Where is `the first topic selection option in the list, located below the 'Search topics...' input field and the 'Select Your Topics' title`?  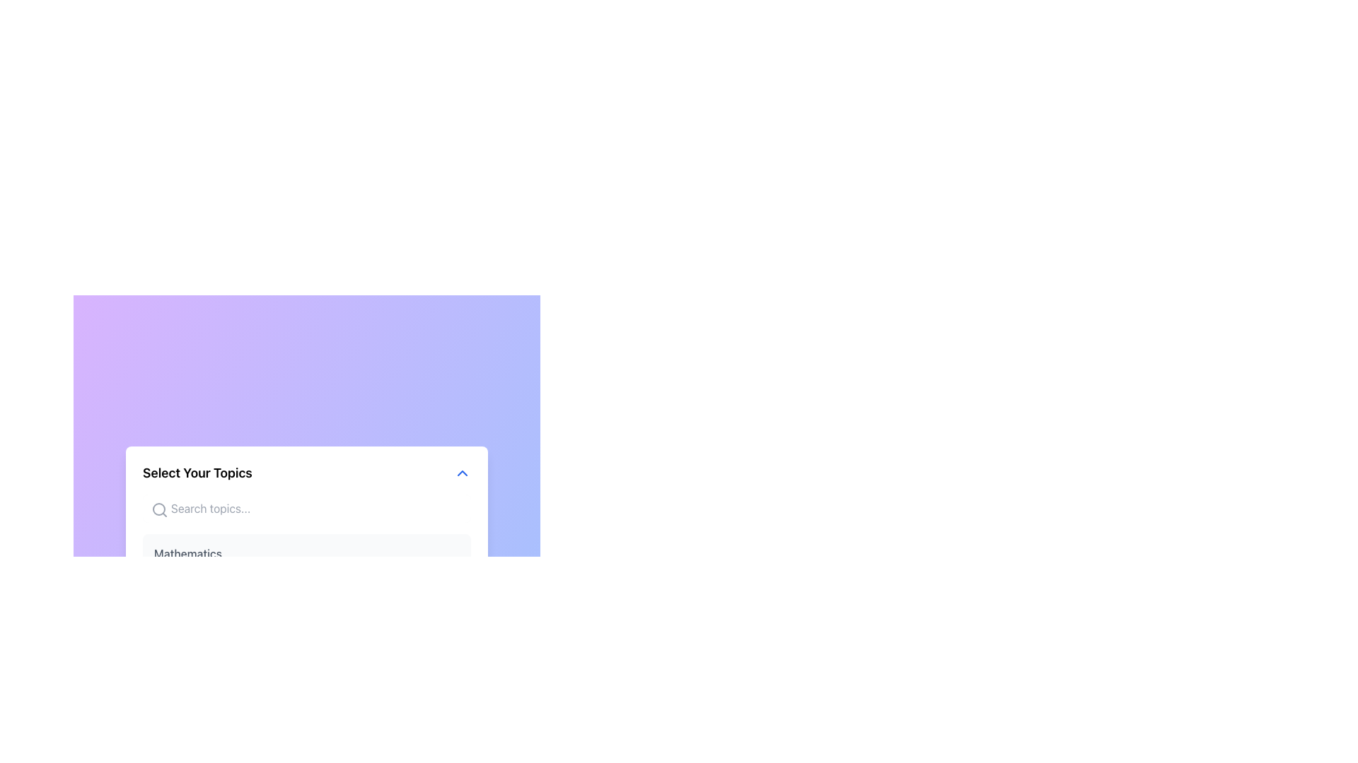
the first topic selection option in the list, located below the 'Search topics...' input field and the 'Select Your Topics' title is located at coordinates (306, 552).